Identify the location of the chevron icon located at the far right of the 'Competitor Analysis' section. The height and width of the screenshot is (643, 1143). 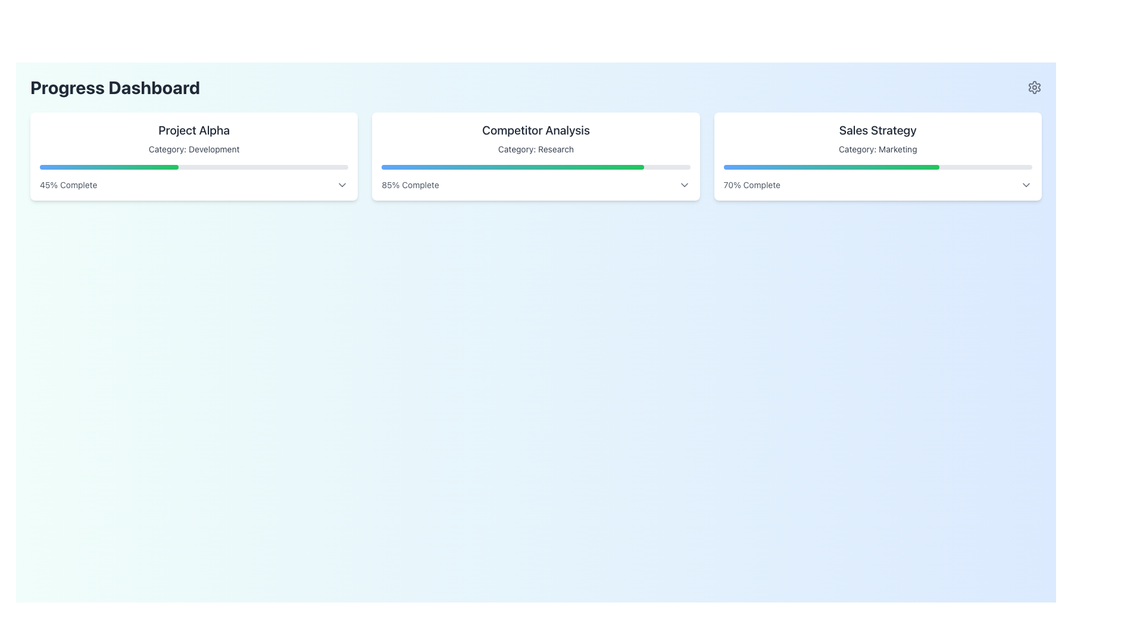
(684, 185).